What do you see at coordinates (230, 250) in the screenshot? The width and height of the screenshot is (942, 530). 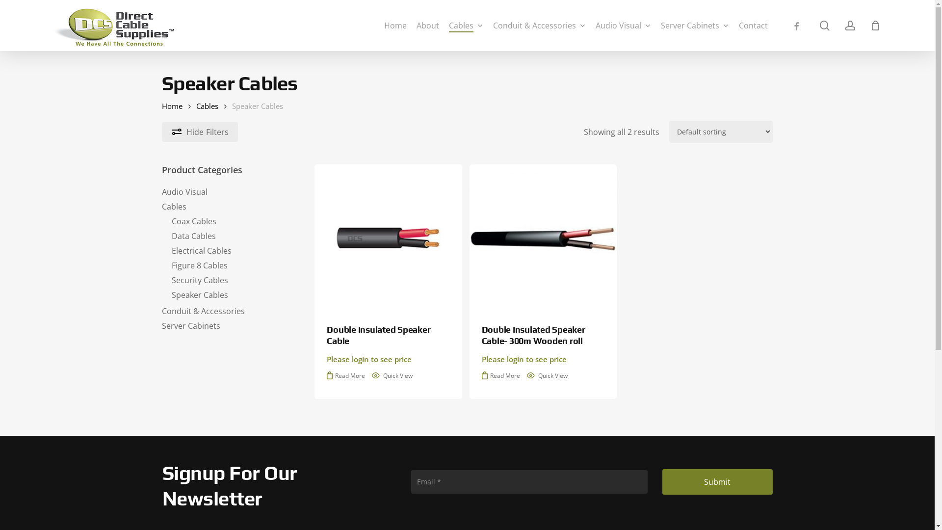 I see `'Electrical Cables'` at bounding box center [230, 250].